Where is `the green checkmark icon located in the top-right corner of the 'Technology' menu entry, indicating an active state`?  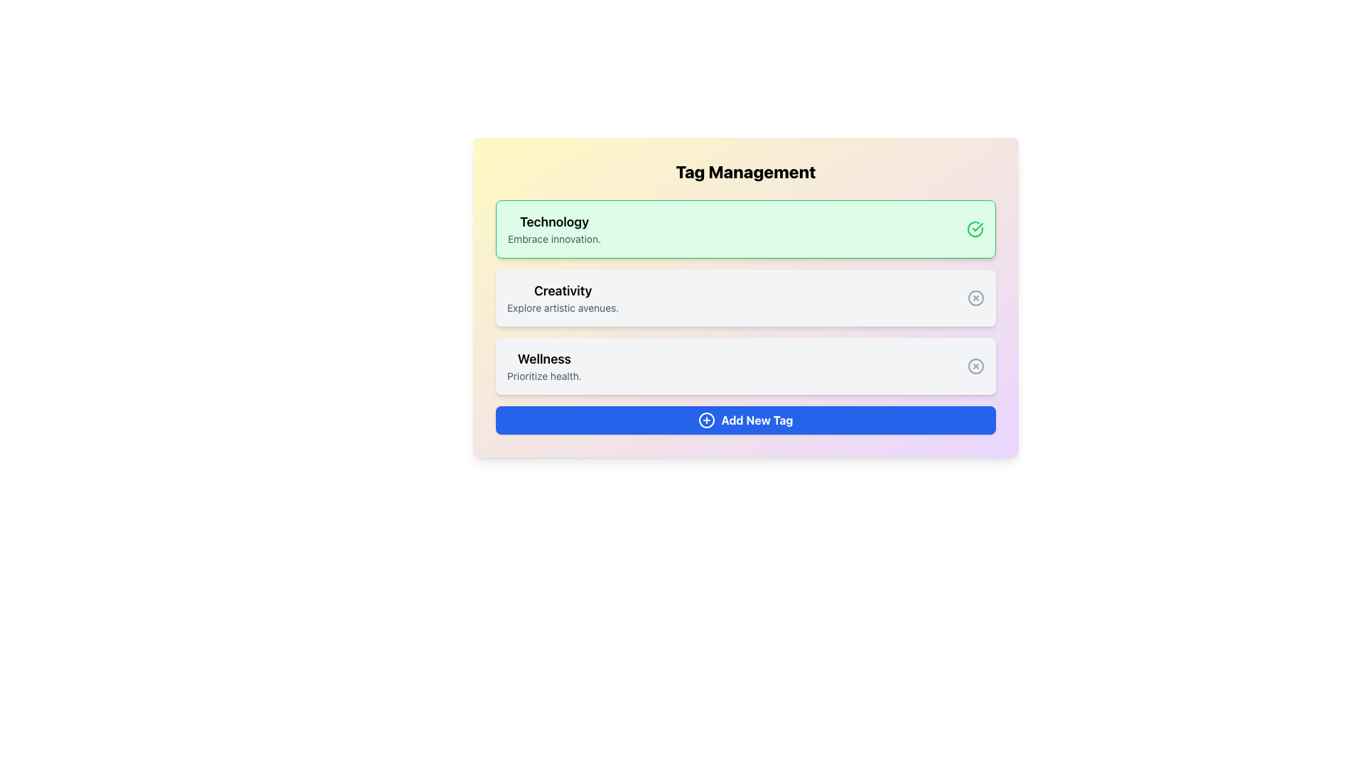 the green checkmark icon located in the top-right corner of the 'Technology' menu entry, indicating an active state is located at coordinates (977, 227).